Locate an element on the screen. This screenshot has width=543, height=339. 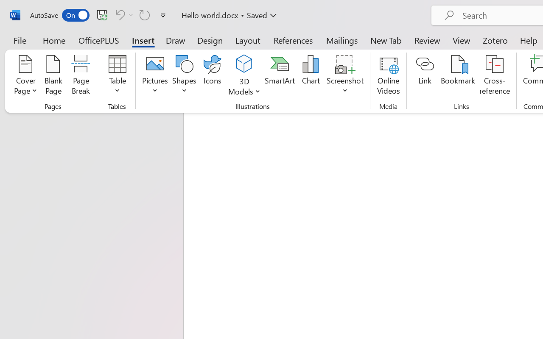
'Draw' is located at coordinates (175, 40).